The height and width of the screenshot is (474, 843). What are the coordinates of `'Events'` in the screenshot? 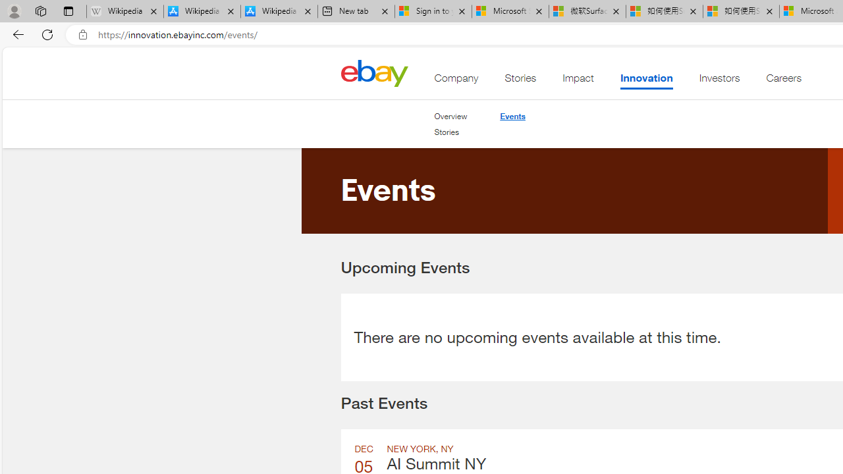 It's located at (512, 115).